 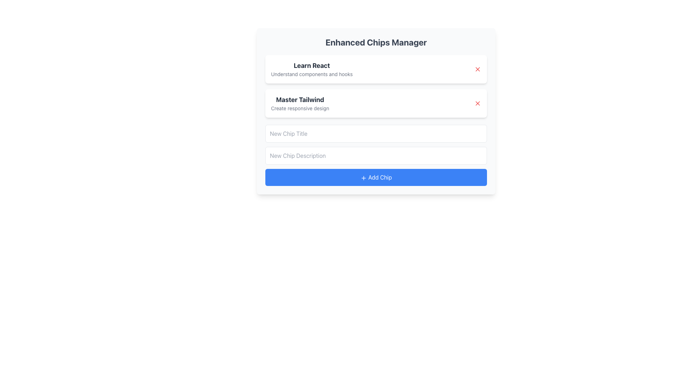 I want to click on the small red 'x' icon button located at the far right of the first card containing the text 'Learn React', so click(x=477, y=69).